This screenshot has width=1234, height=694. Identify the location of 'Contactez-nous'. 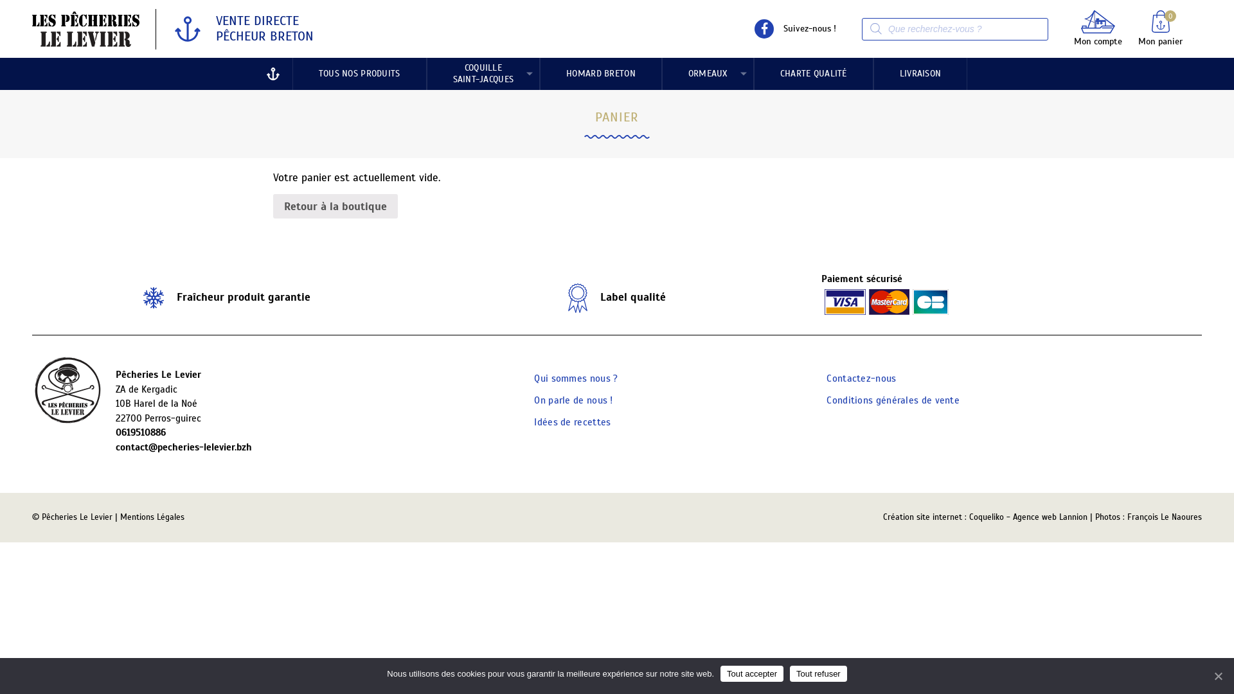
(861, 378).